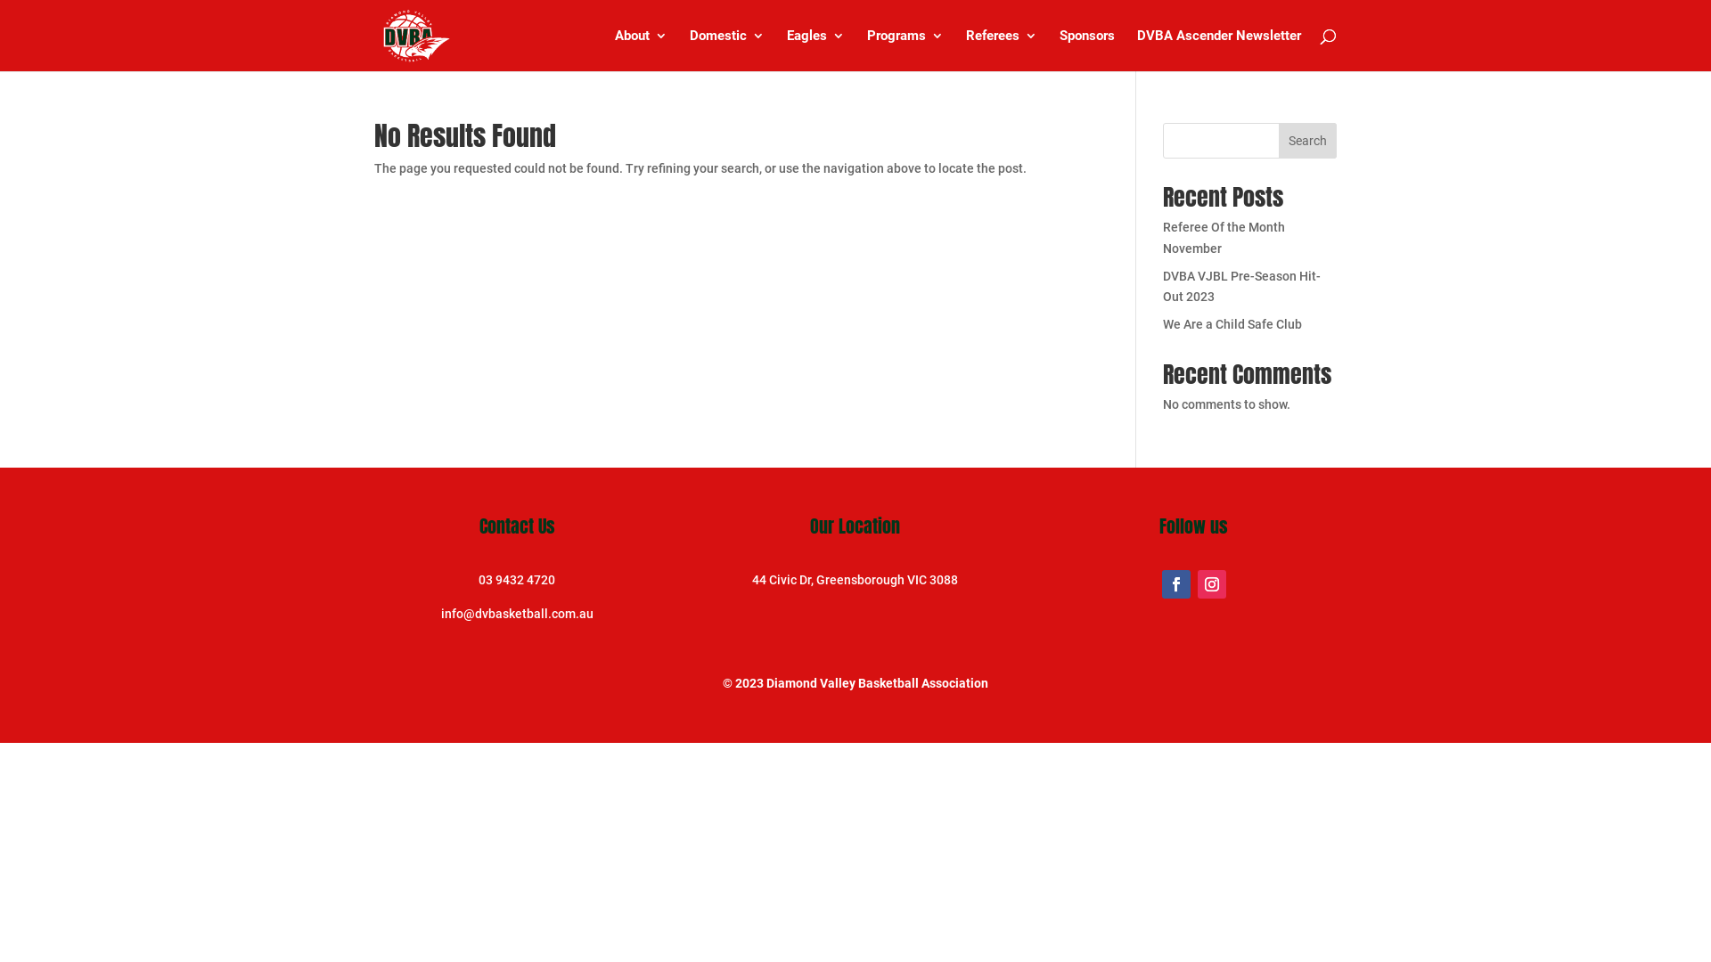 Image resolution: width=1711 pixels, height=962 pixels. Describe the element at coordinates (727, 49) in the screenshot. I see `'Domestic'` at that location.